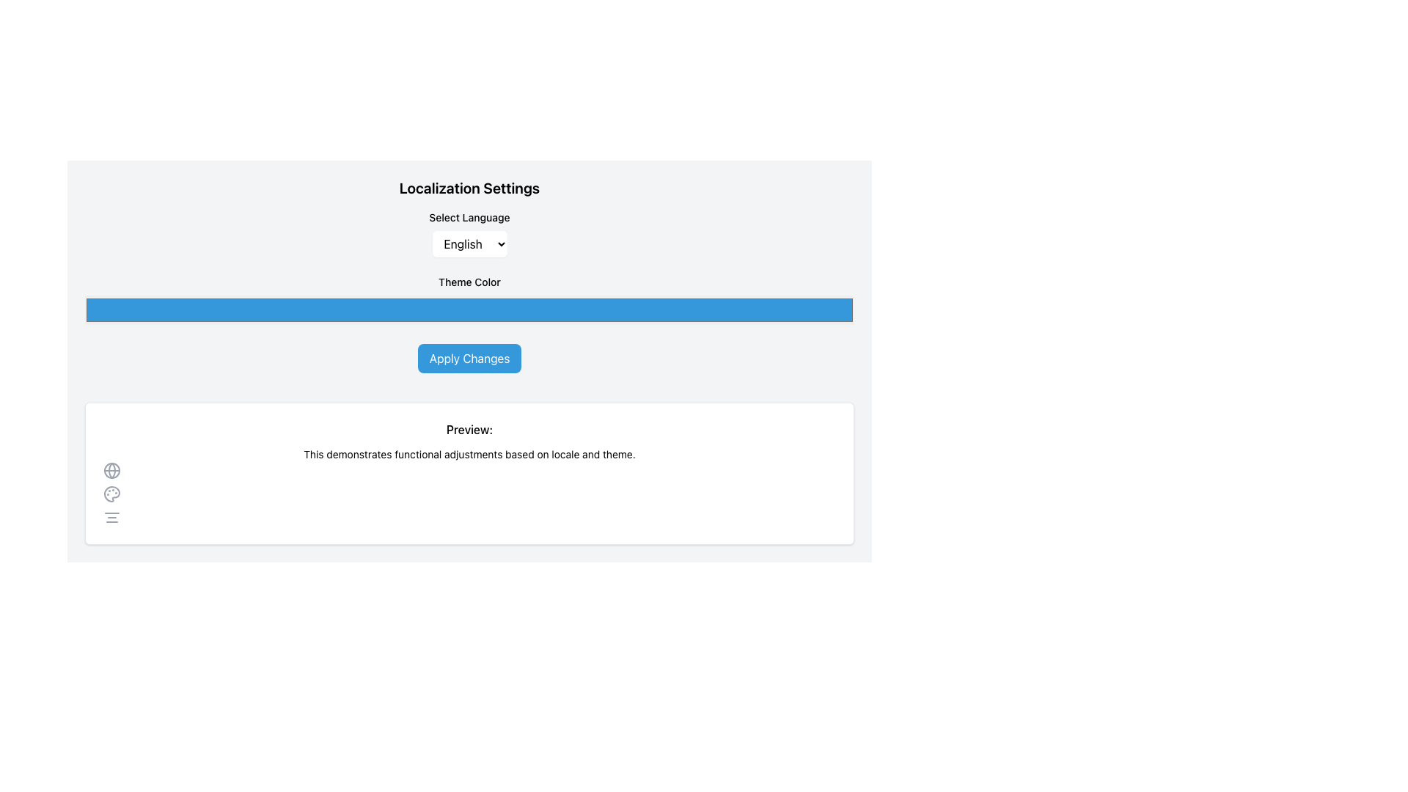  I want to click on the 'Apply Changes' button, which is a rectangular button with a blue background and white text, located in the 'Localization Settings' UI area, below 'Select Language' and 'Theme Color', and above the 'Preview:' section, so click(469, 359).